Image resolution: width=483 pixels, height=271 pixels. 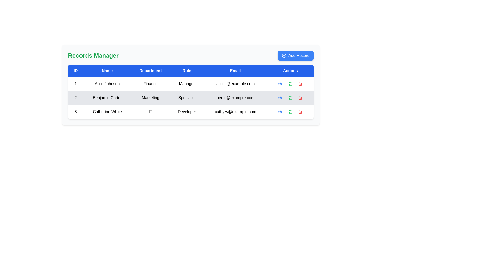 What do you see at coordinates (290, 112) in the screenshot?
I see `the save/download button in the Actions column for Catherine White, which is represented by an icon resembling a floppy disk or a downward arrow` at bounding box center [290, 112].